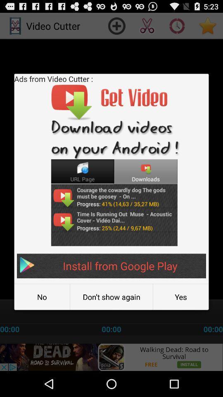 The image size is (223, 397). What do you see at coordinates (41, 297) in the screenshot?
I see `the icon at the bottom left corner` at bounding box center [41, 297].